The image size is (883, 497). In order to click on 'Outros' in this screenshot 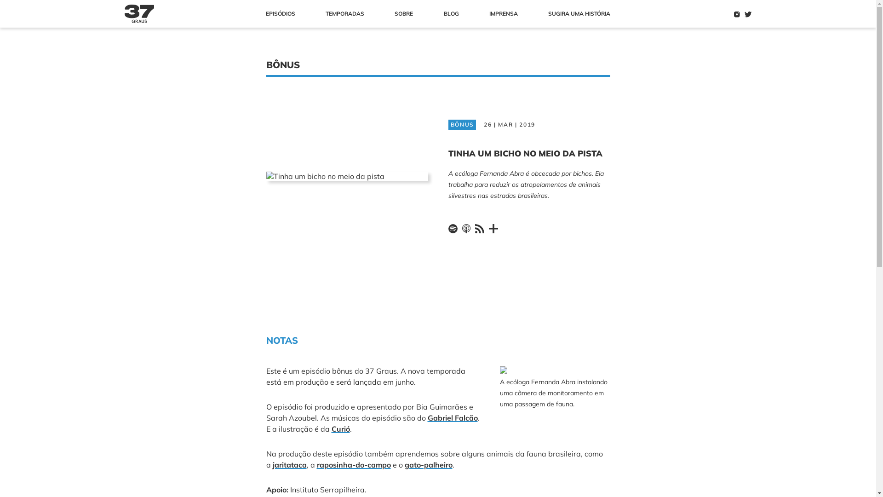, I will do `click(495, 228)`.